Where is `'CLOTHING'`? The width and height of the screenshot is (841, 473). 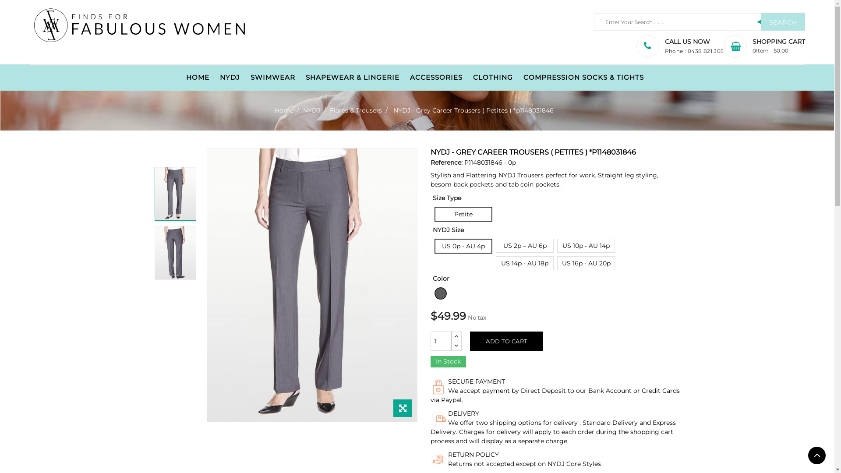
'CLOTHING' is located at coordinates (493, 77).